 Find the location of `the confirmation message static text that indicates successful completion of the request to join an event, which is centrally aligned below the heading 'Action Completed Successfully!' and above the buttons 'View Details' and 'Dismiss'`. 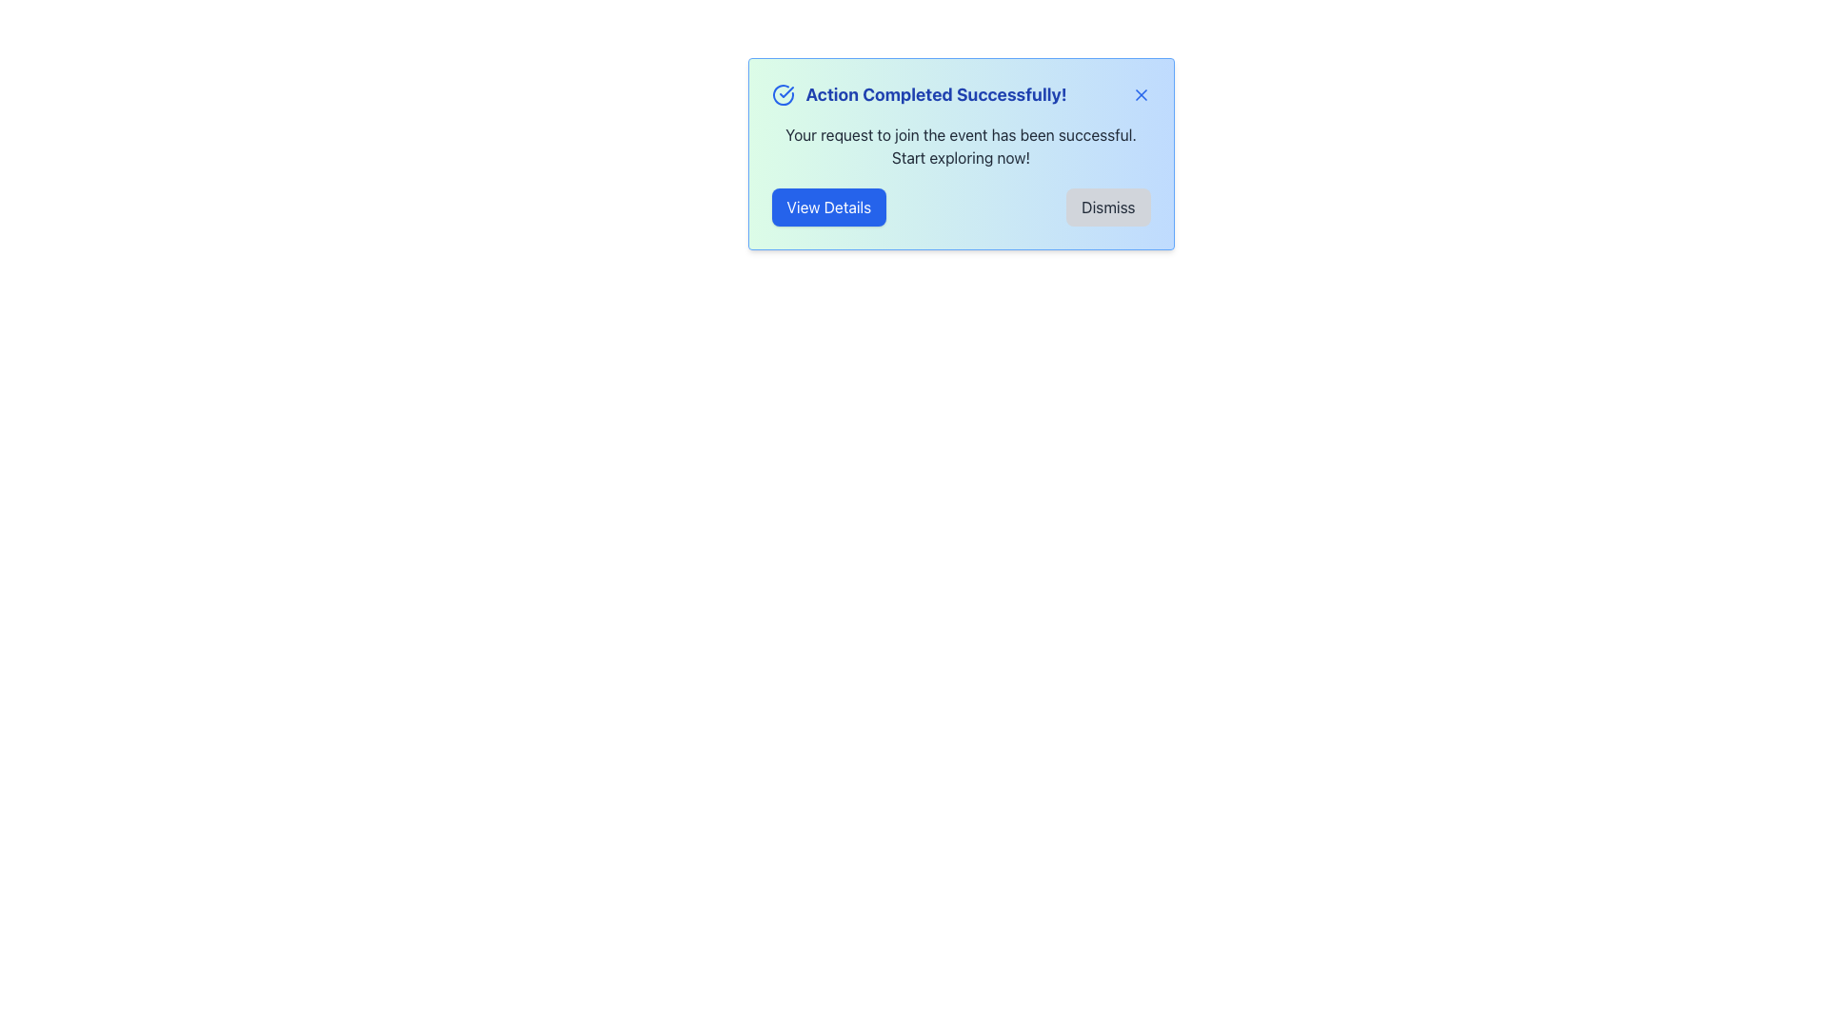

the confirmation message static text that indicates successful completion of the request to join an event, which is centrally aligned below the heading 'Action Completed Successfully!' and above the buttons 'View Details' and 'Dismiss' is located at coordinates (961, 146).